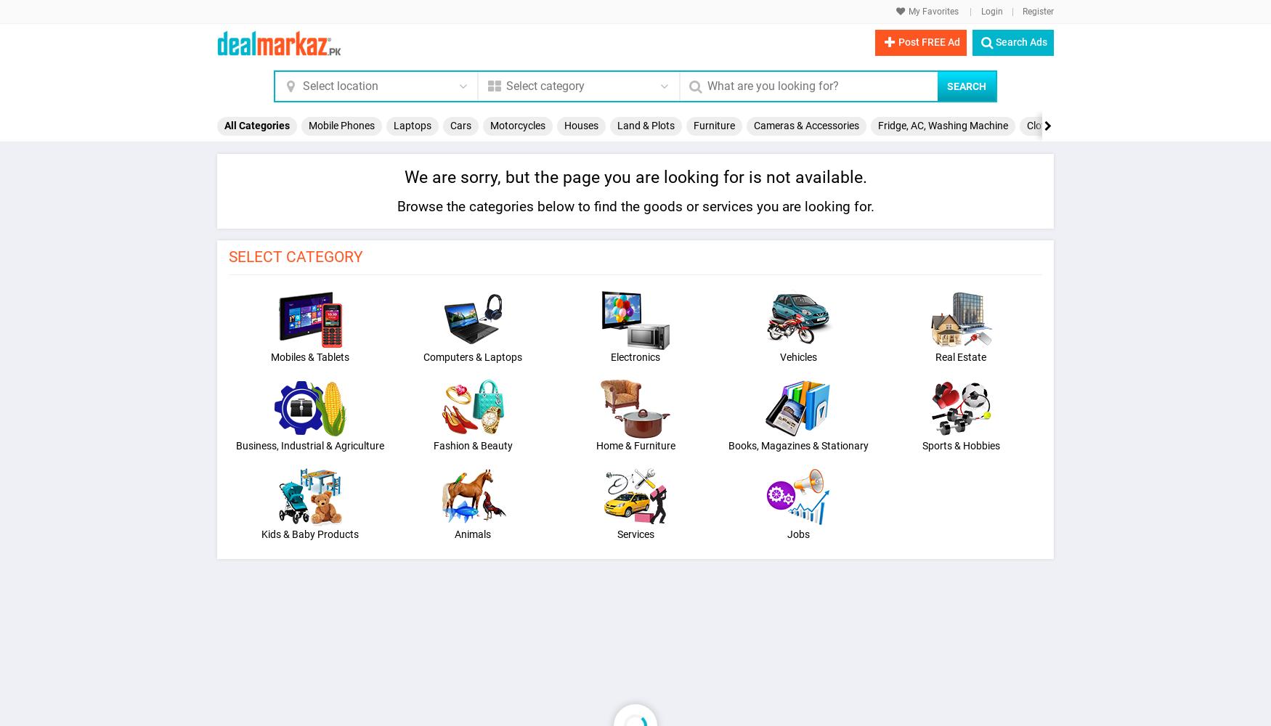 The width and height of the screenshot is (1271, 726). I want to click on 'Houses', so click(580, 126).